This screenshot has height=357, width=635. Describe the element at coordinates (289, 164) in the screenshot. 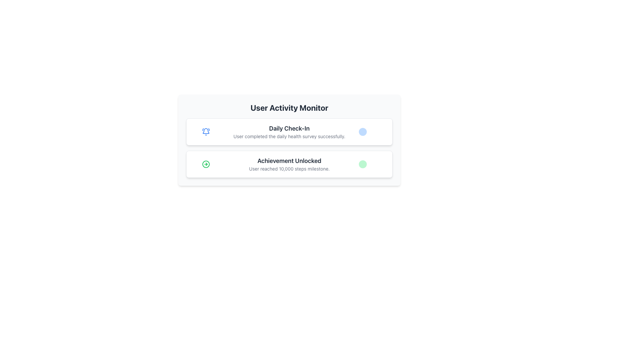

I see `the Notification card that displays an achievement notification, located below the 'Daily Check-In' block, to possibly trigger additional information or interaction` at that location.